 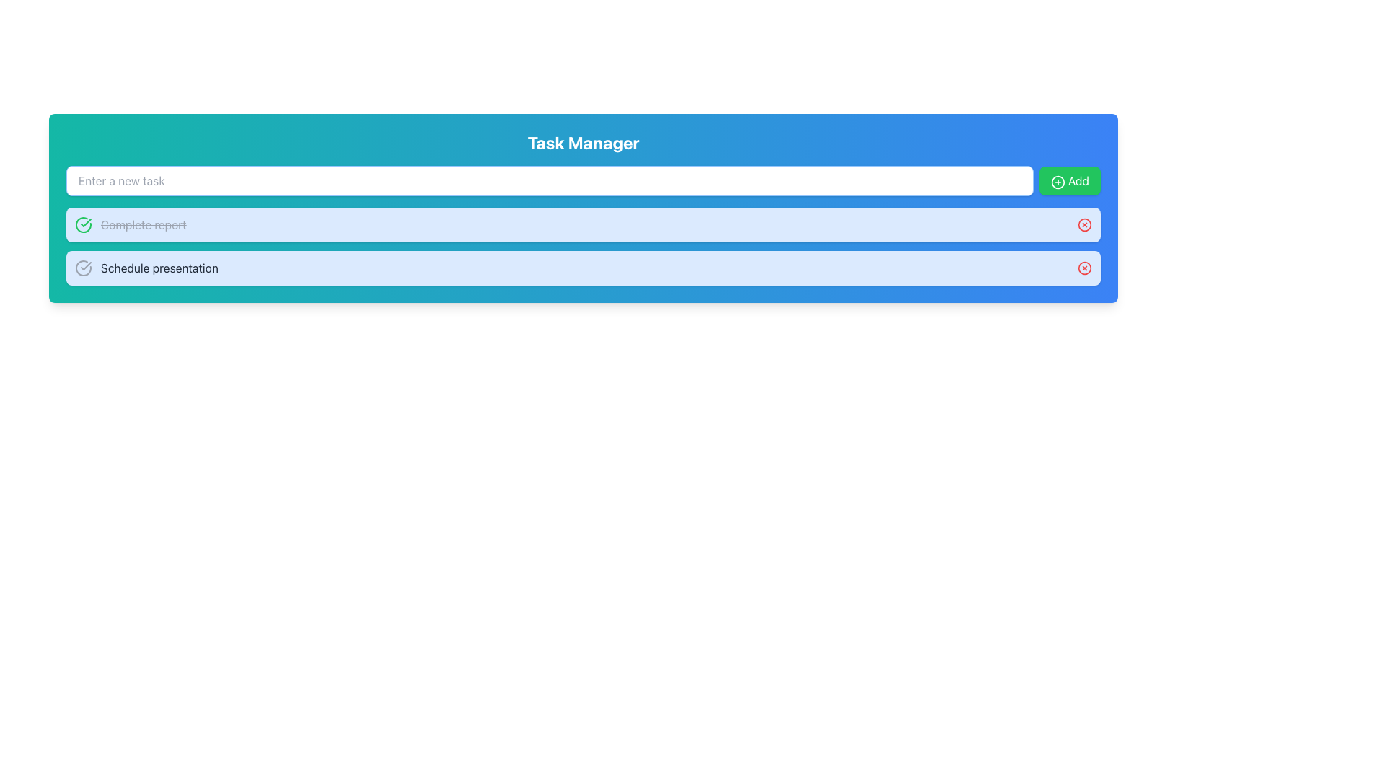 I want to click on the text label displaying the title of a task, which is the second item in a vertical list of tasks in the task manager interface, located below the task titled 'Complete report', so click(x=146, y=268).